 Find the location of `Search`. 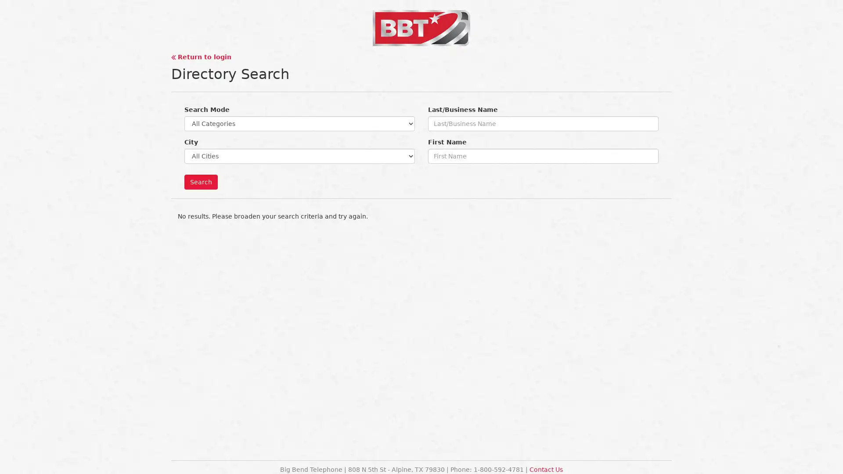

Search is located at coordinates (200, 182).